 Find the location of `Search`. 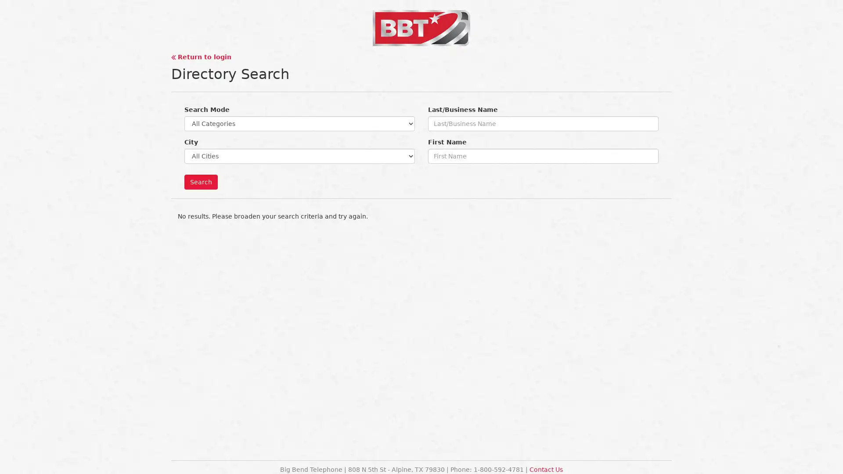

Search is located at coordinates (200, 182).